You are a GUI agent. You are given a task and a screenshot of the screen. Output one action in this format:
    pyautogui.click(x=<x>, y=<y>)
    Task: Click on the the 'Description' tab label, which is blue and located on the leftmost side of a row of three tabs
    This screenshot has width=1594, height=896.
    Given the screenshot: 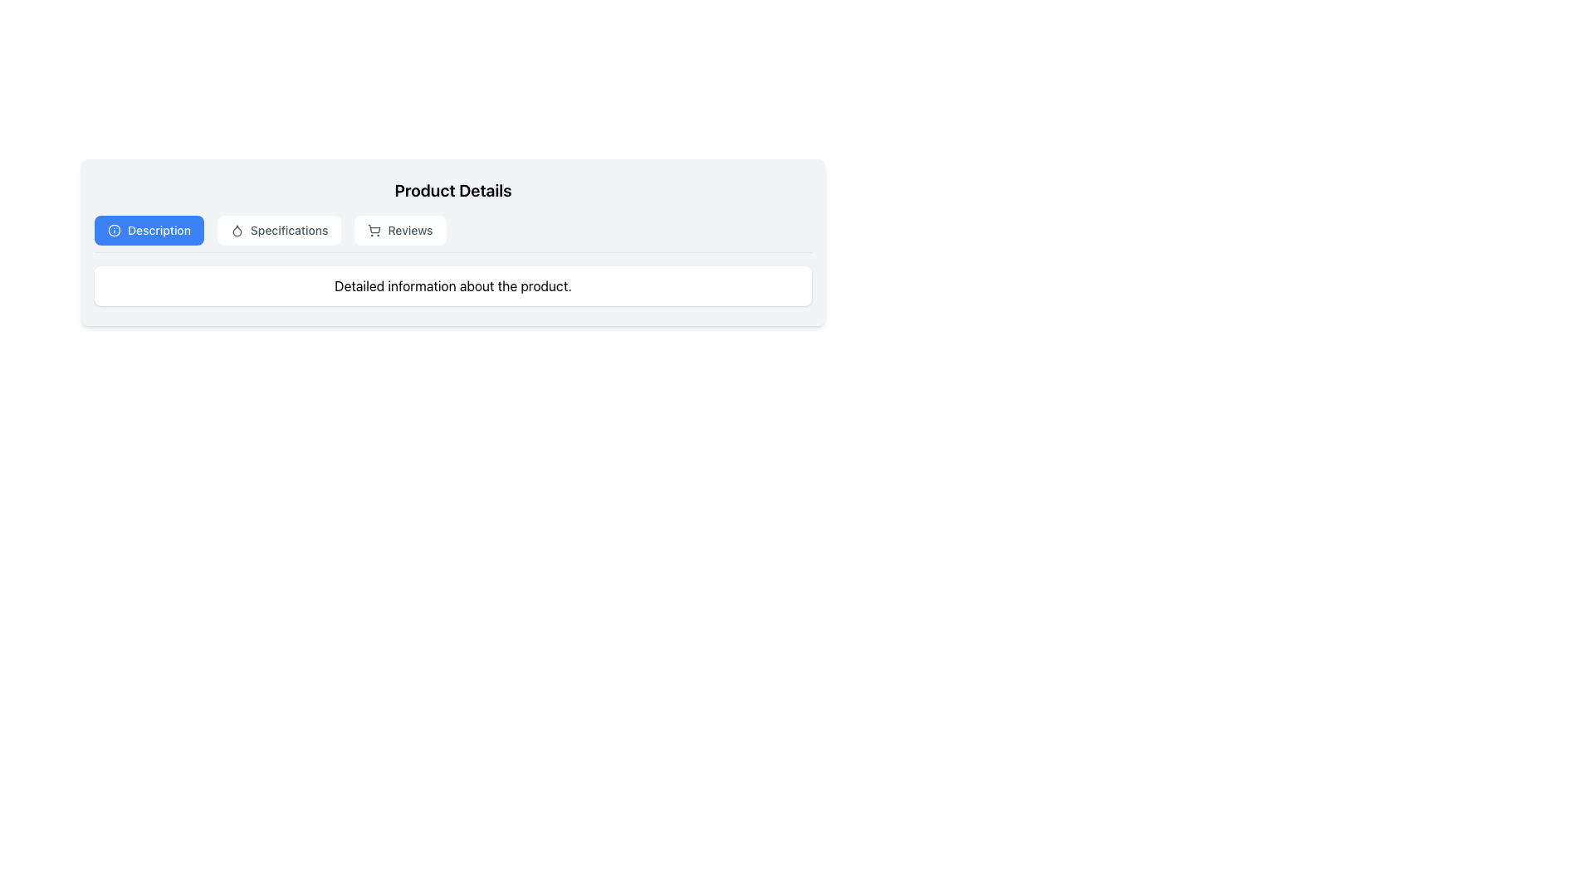 What is the action you would take?
    pyautogui.click(x=149, y=230)
    